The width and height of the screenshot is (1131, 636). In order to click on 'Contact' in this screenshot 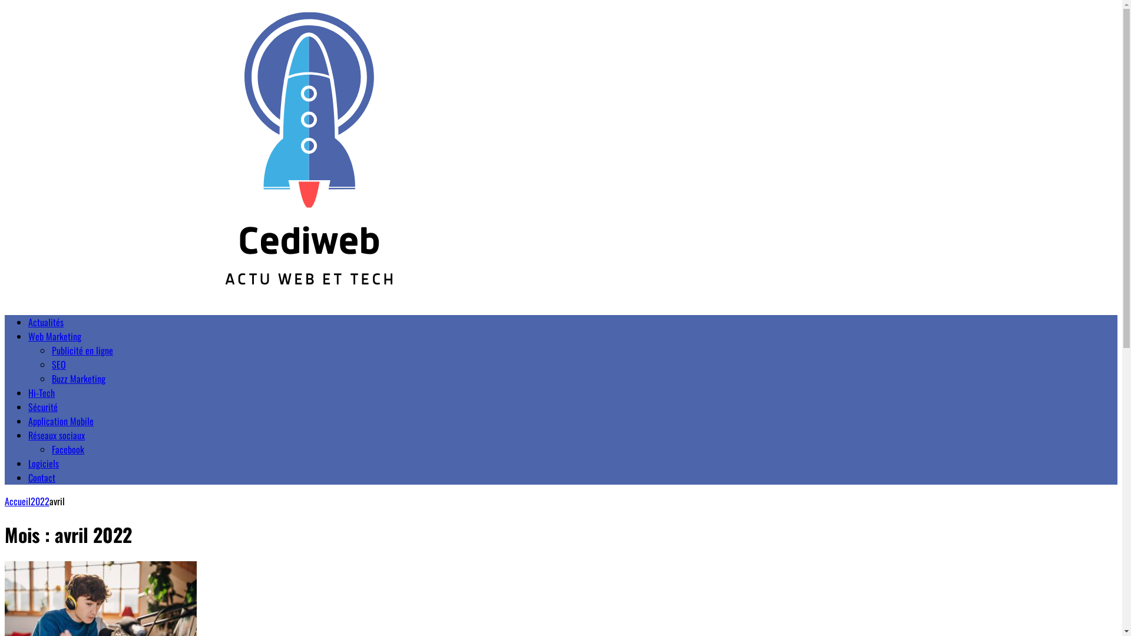, I will do `click(42, 477)`.